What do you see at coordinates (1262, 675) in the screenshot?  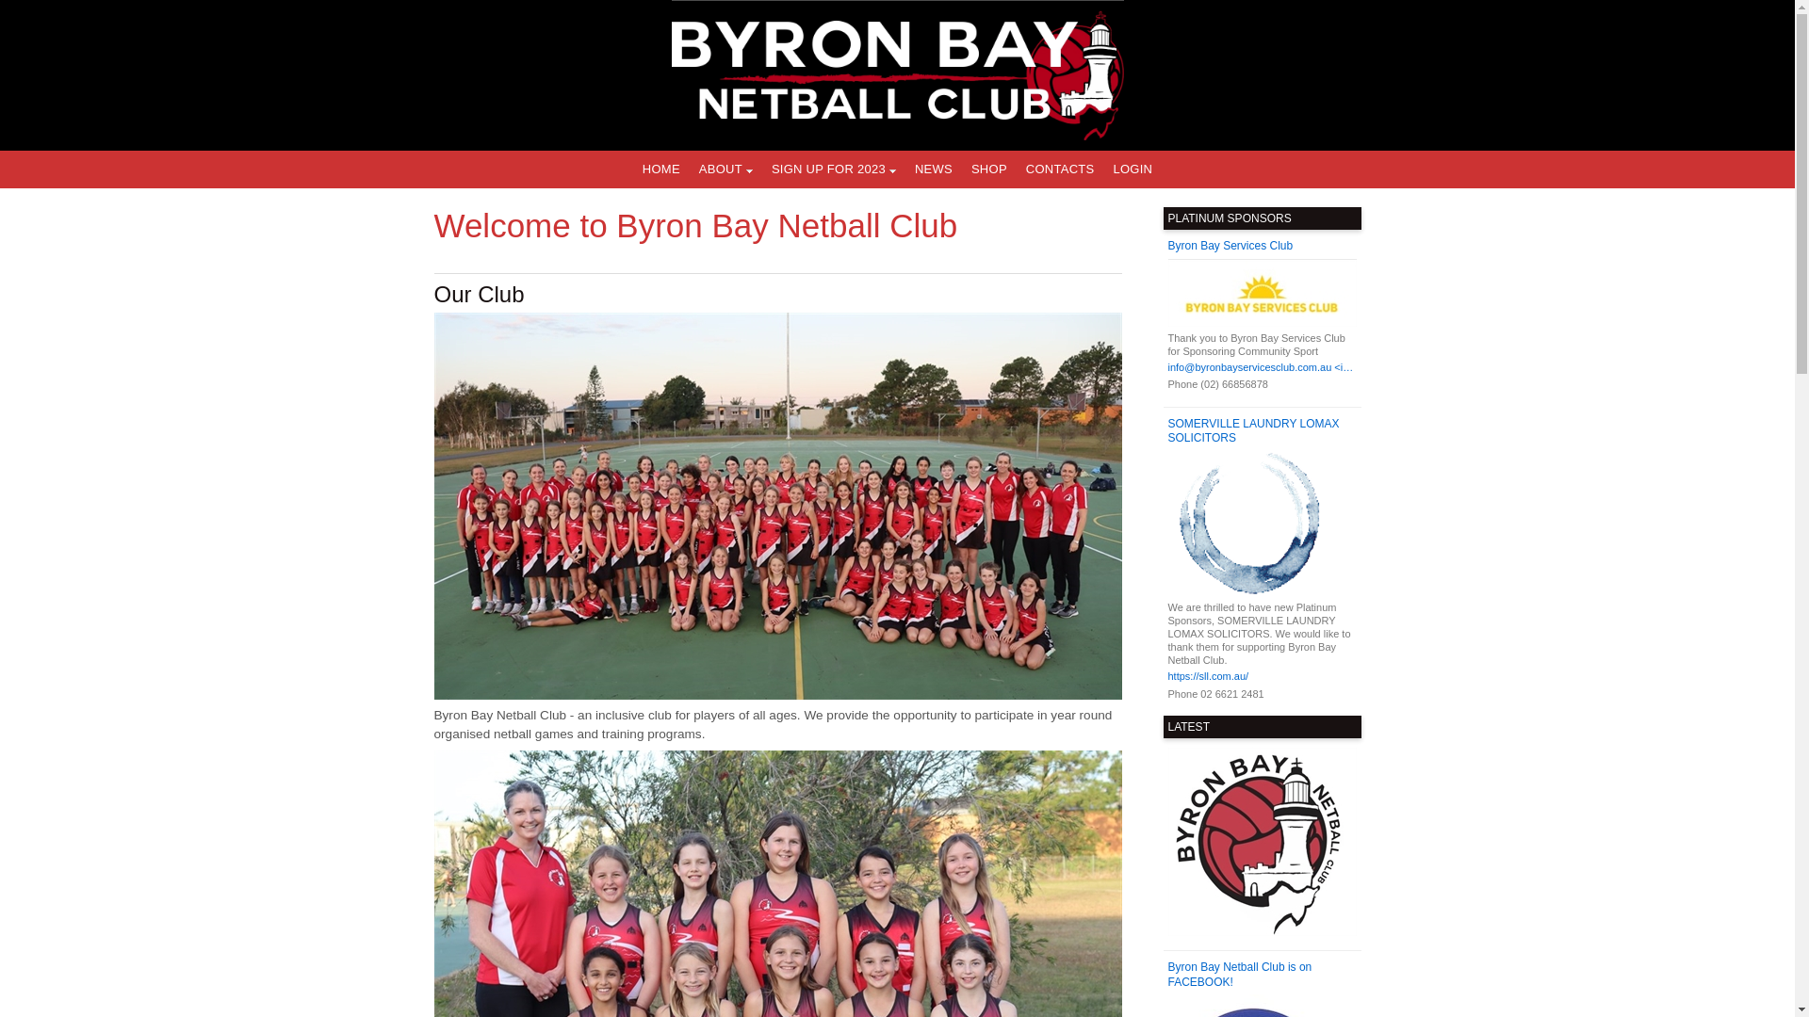 I see `'https://sll.com.au/'` at bounding box center [1262, 675].